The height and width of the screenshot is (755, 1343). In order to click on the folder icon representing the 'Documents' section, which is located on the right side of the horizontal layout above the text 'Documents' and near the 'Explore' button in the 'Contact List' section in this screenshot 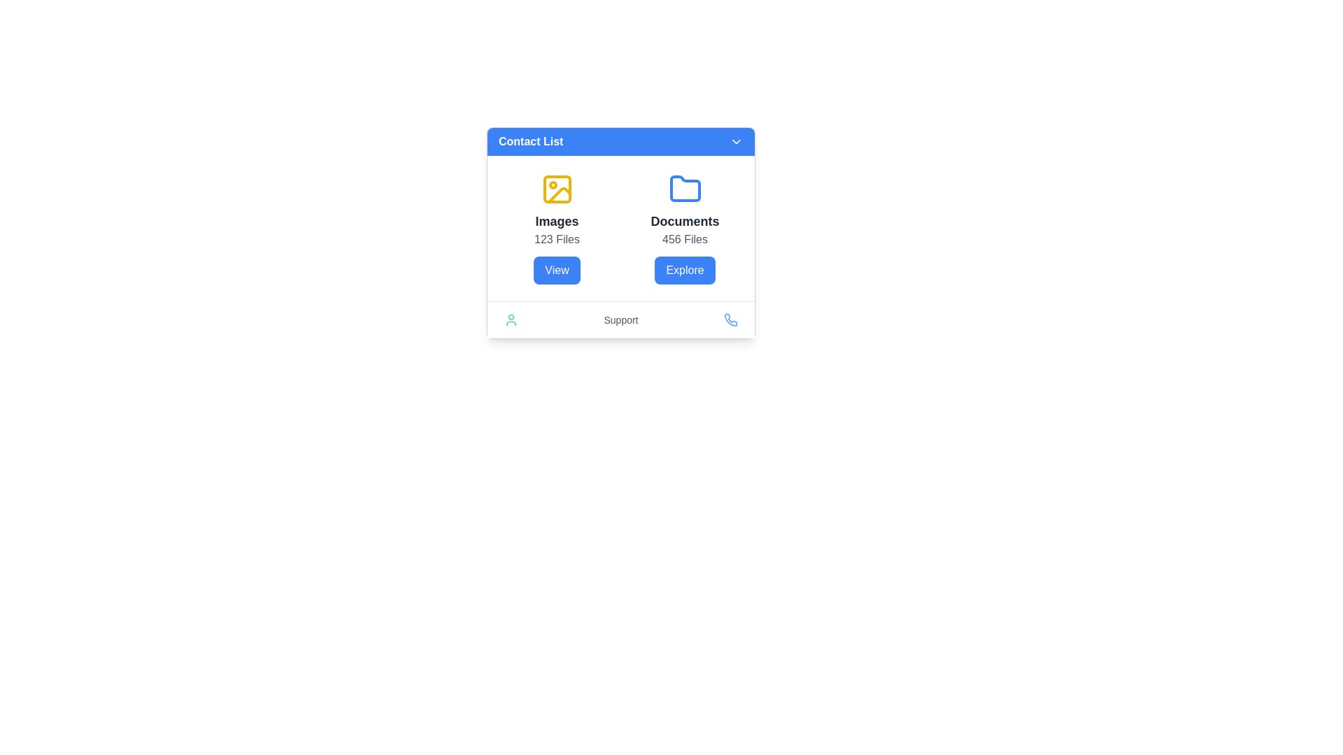, I will do `click(685, 189)`.